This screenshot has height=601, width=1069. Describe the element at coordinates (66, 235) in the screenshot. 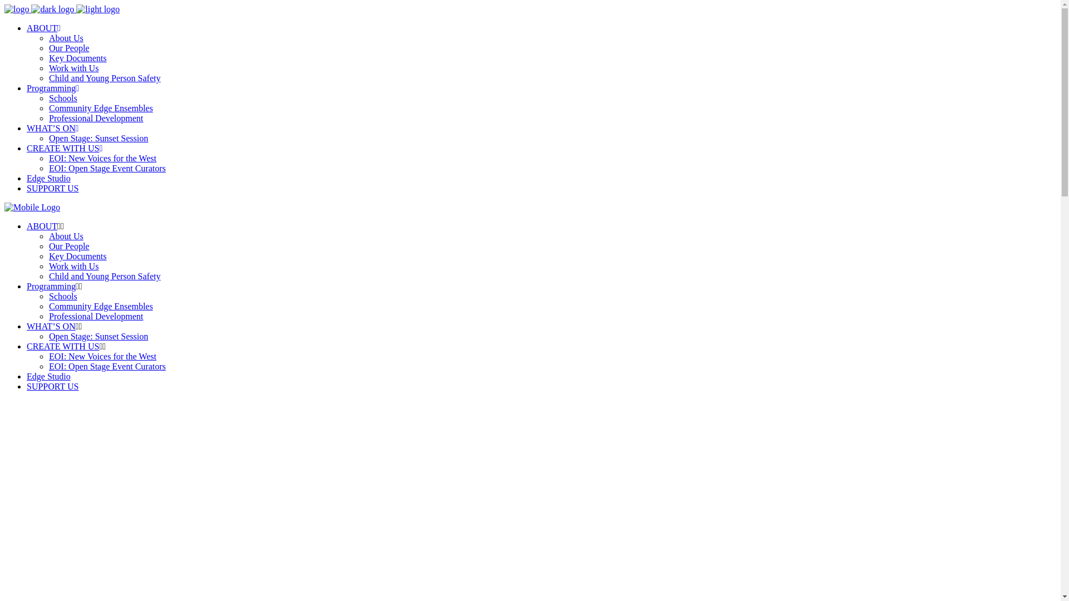

I see `'About Us'` at that location.